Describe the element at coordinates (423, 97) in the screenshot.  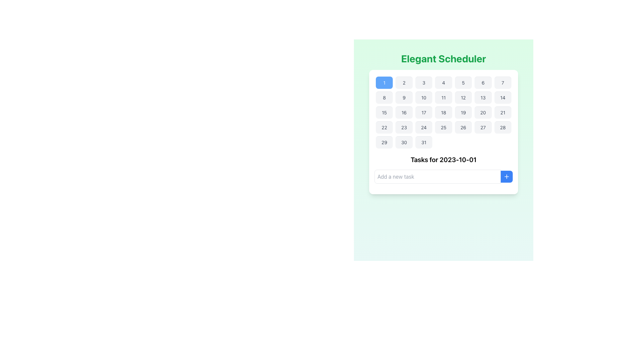
I see `the button representing the date '10' in the calendar interface to change its style` at that location.